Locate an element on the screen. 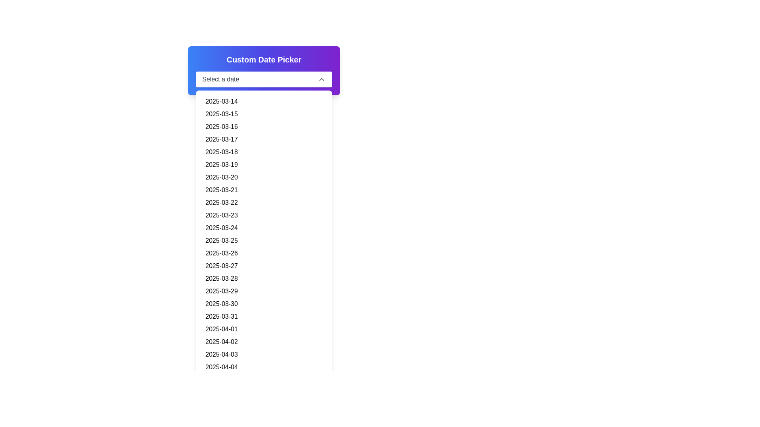 Image resolution: width=760 pixels, height=427 pixels. the date '2025-03-22' by clicking on the ninth date option in the date picker dropdown is located at coordinates (264, 202).